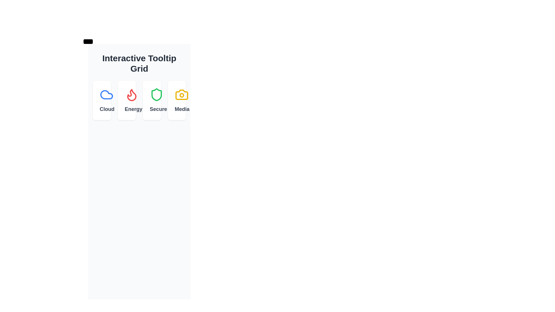 The width and height of the screenshot is (555, 312). Describe the element at coordinates (157, 94) in the screenshot. I see `the shield icon representing security within the 'Secure' card, which is the third item in the 'Interactive Tooltip Grid'` at that location.